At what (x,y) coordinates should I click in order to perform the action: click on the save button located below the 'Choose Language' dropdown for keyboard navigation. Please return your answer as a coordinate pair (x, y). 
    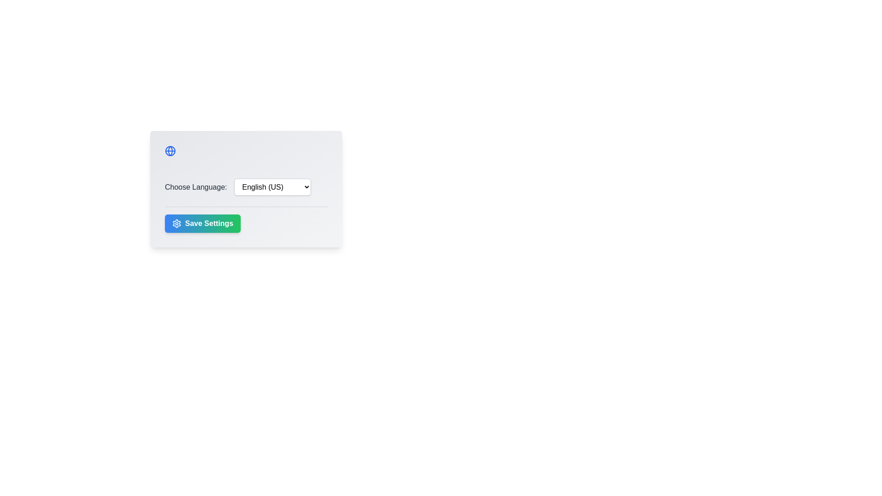
    Looking at the image, I should click on (202, 223).